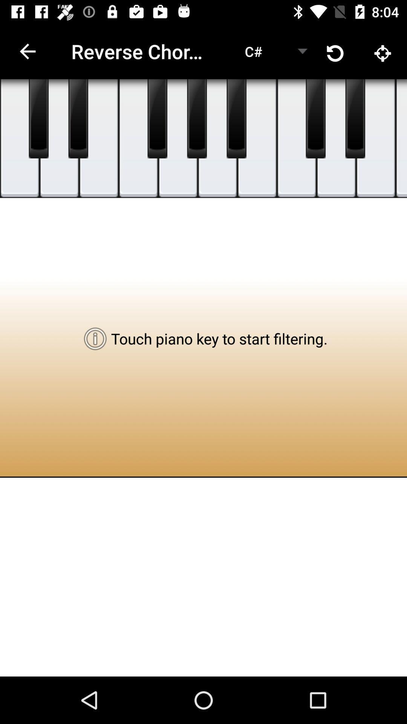 This screenshot has width=407, height=724. Describe the element at coordinates (59, 138) in the screenshot. I see `piano key button` at that location.